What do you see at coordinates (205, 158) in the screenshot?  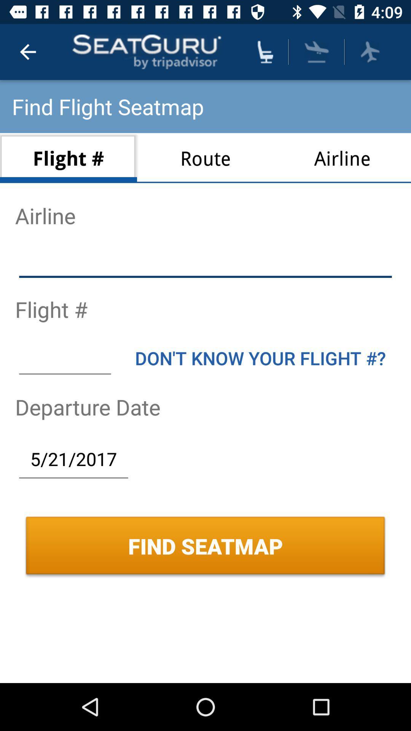 I see `item to the left of airline icon` at bounding box center [205, 158].